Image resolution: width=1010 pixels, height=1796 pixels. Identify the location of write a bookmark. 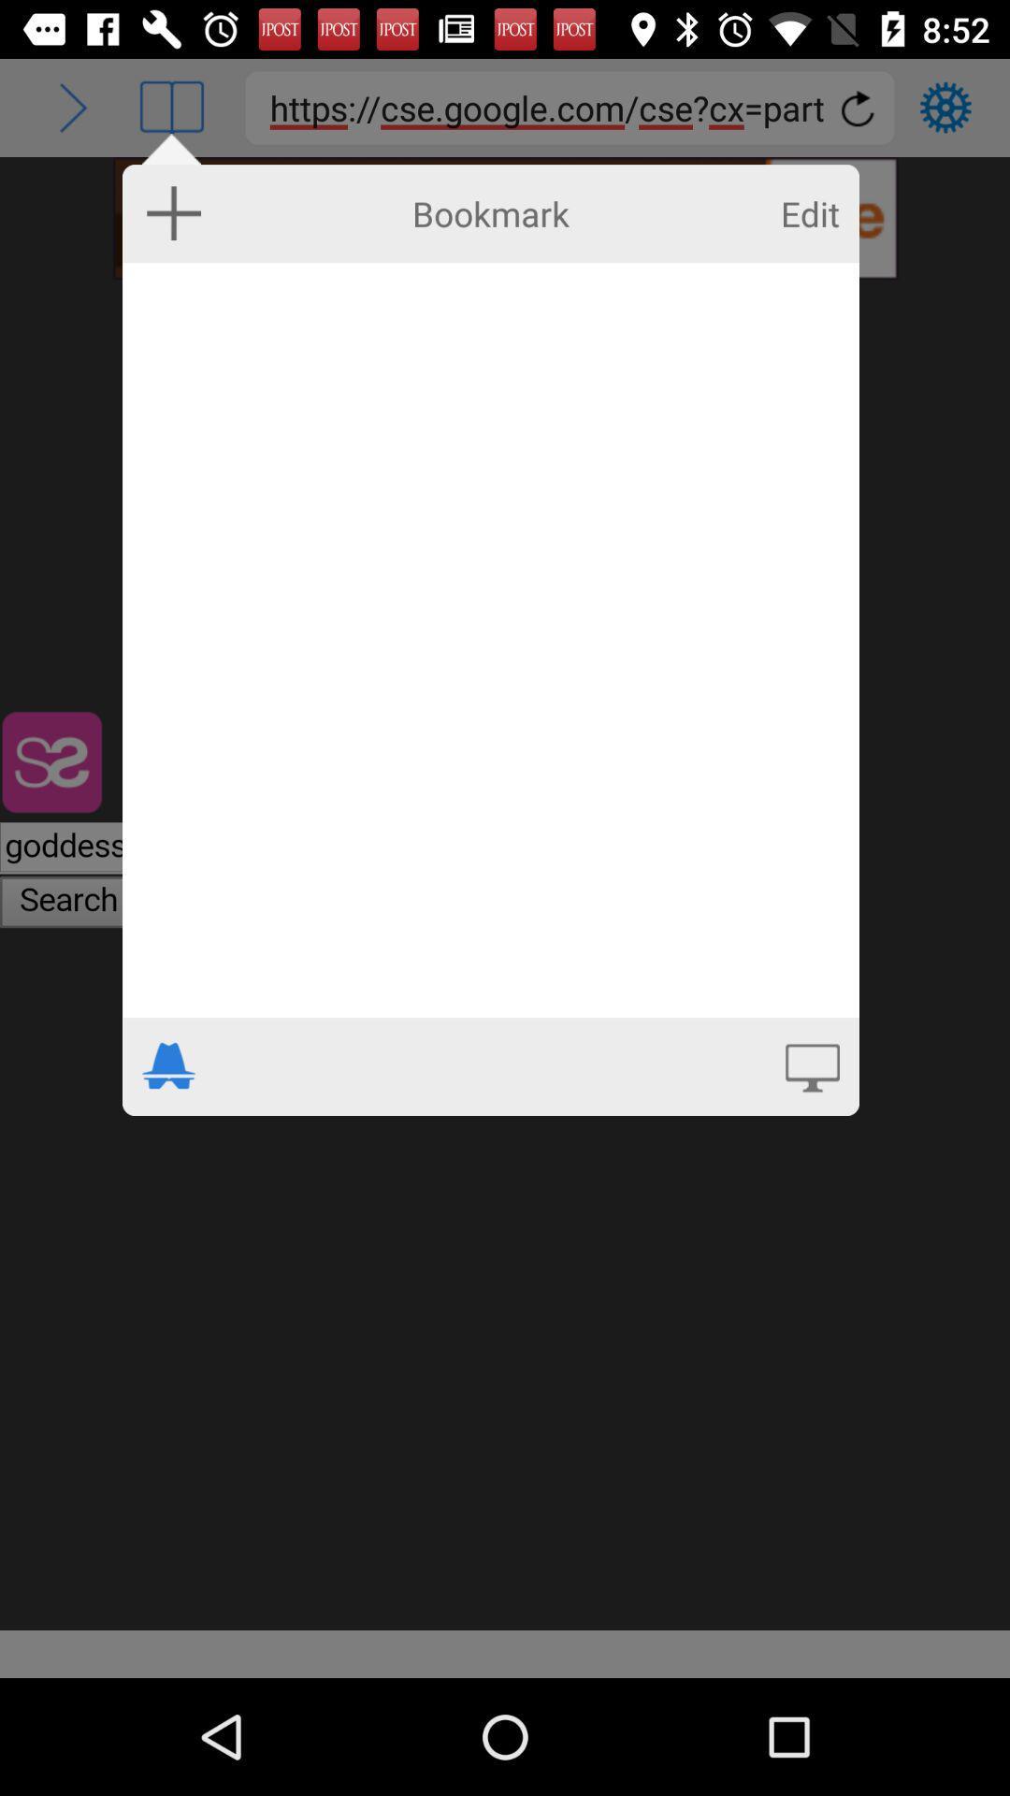
(489, 640).